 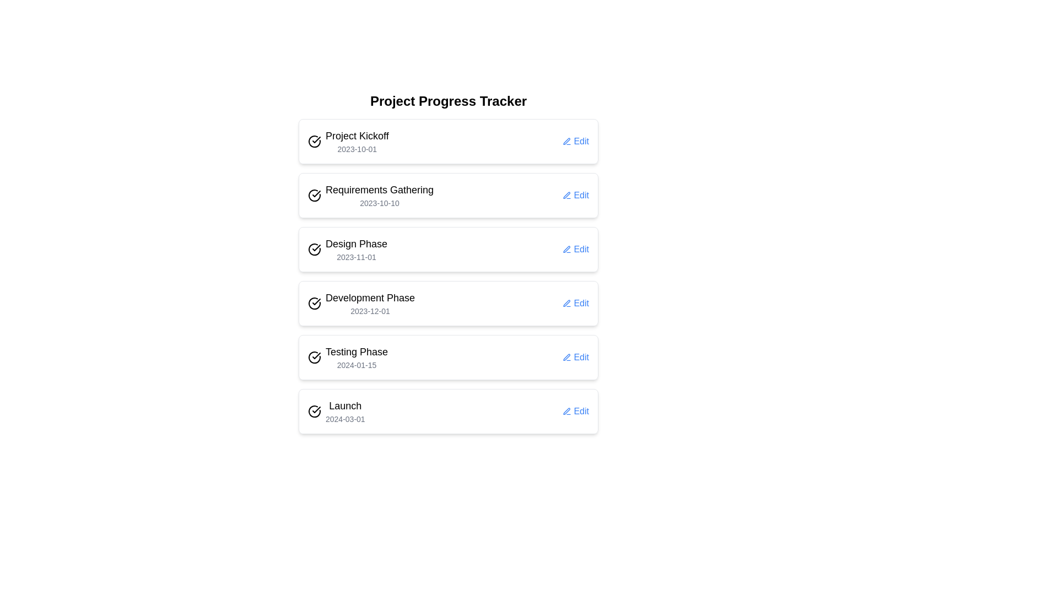 I want to click on the edit icon located to the left of the 'Edit' label in the top-right corner of the project phase section, so click(x=567, y=412).